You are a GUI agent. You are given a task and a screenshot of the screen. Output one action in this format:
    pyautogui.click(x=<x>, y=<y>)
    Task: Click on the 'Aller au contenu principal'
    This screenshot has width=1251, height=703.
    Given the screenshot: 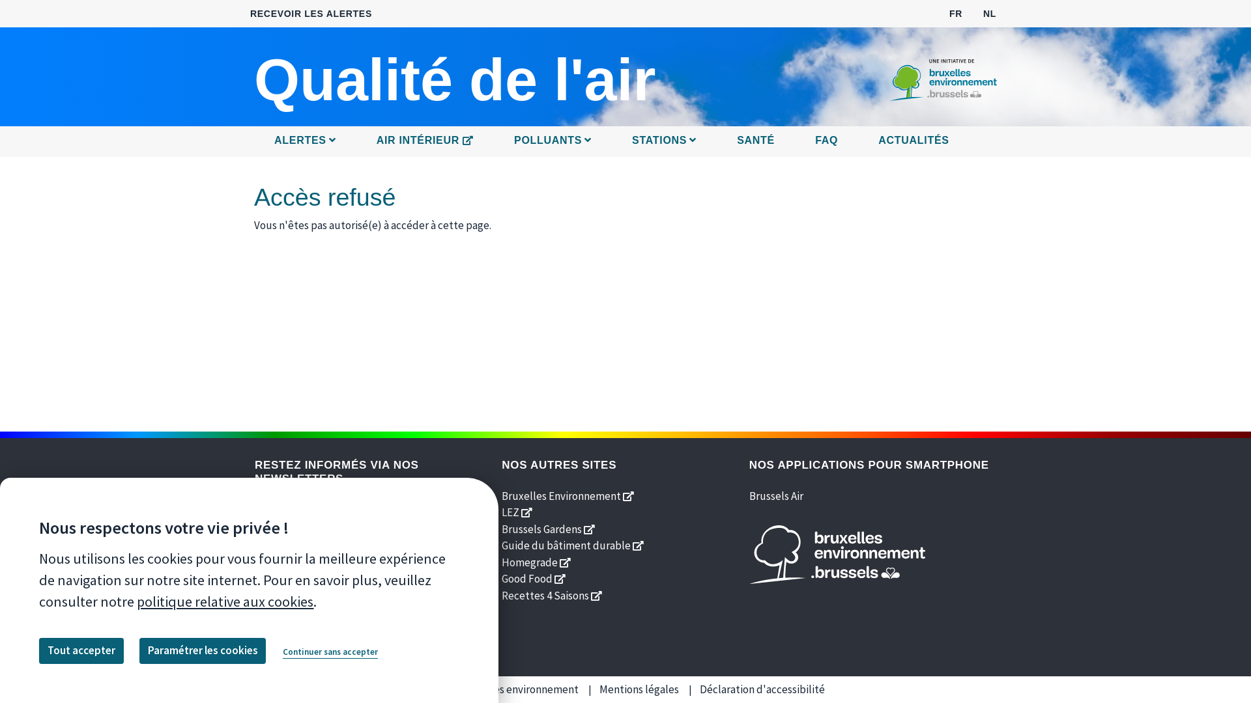 What is the action you would take?
    pyautogui.click(x=625, y=1)
    